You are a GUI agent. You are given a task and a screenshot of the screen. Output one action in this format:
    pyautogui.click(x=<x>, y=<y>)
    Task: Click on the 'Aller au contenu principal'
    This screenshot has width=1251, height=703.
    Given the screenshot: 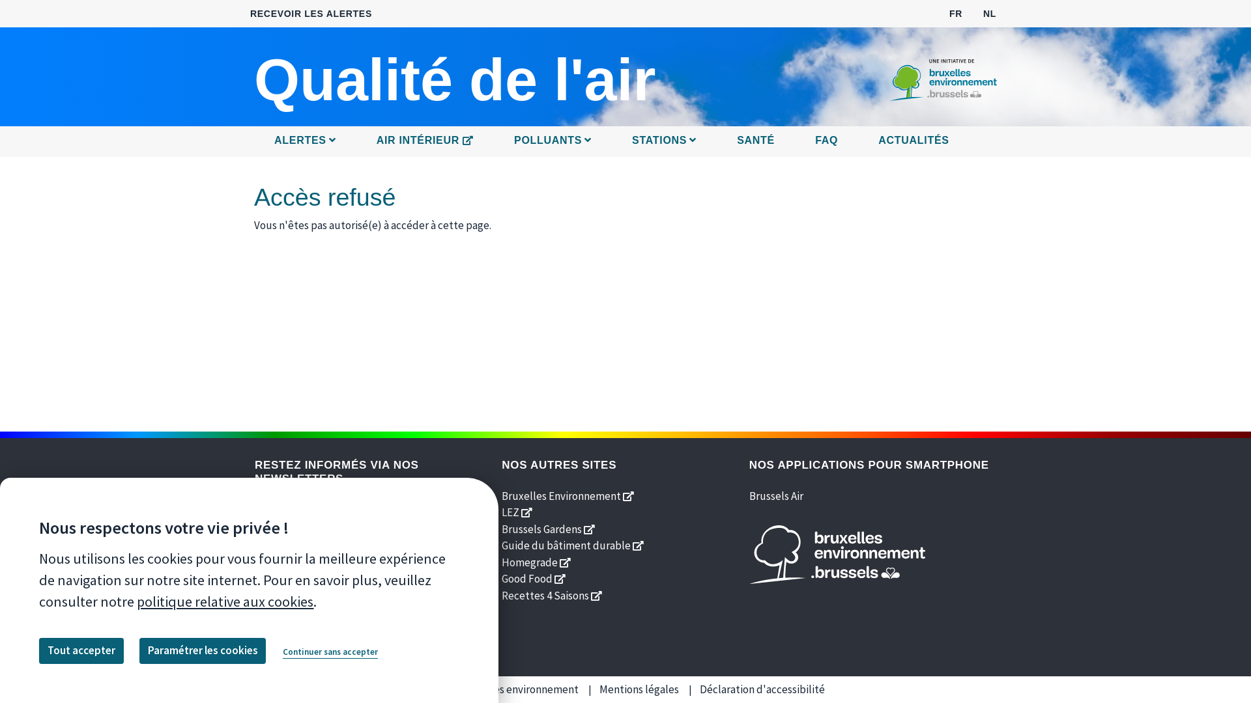 What is the action you would take?
    pyautogui.click(x=625, y=1)
    